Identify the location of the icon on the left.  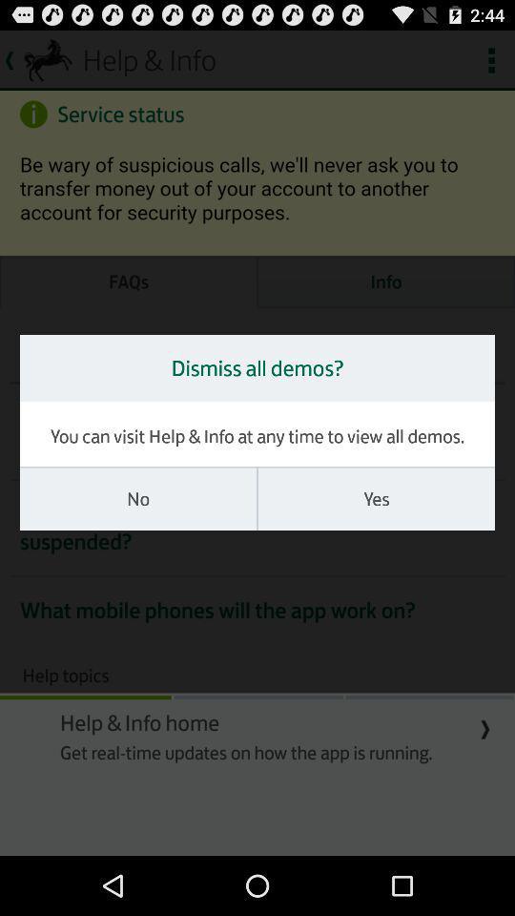
(137, 498).